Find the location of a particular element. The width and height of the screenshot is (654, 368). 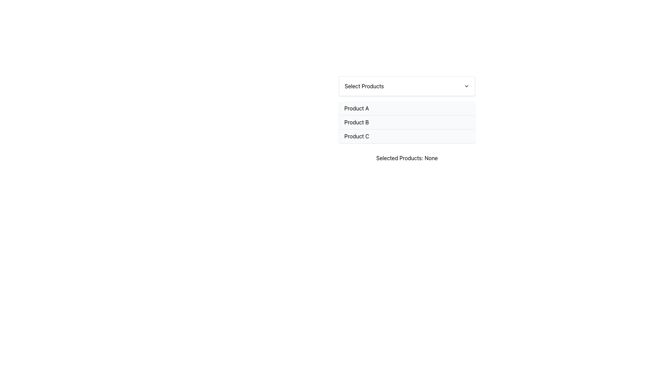

the 'Product C' label in the selectable list under the dropdown 'Select Products' is located at coordinates (356, 136).